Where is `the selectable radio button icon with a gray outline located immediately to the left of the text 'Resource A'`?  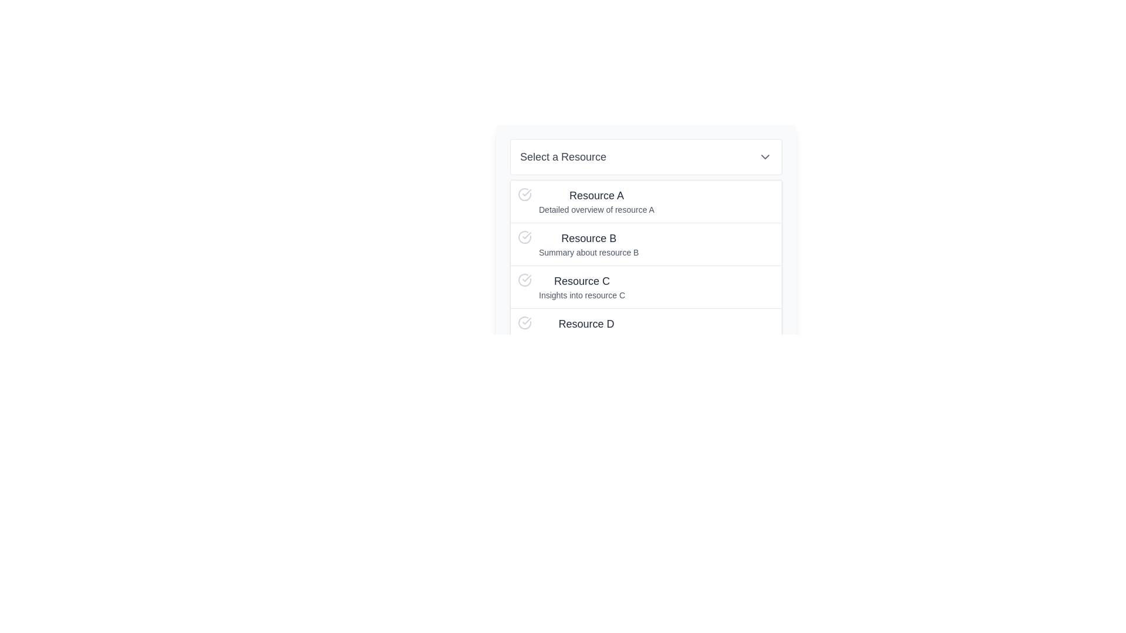 the selectable radio button icon with a gray outline located immediately to the left of the text 'Resource A' is located at coordinates (524, 193).